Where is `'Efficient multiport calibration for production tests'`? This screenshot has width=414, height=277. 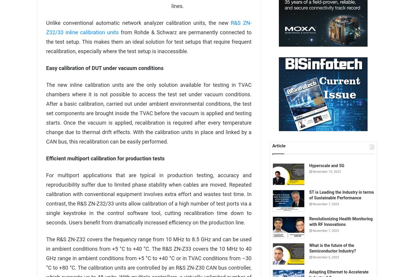
'Efficient multiport calibration for production tests' is located at coordinates (105, 158).